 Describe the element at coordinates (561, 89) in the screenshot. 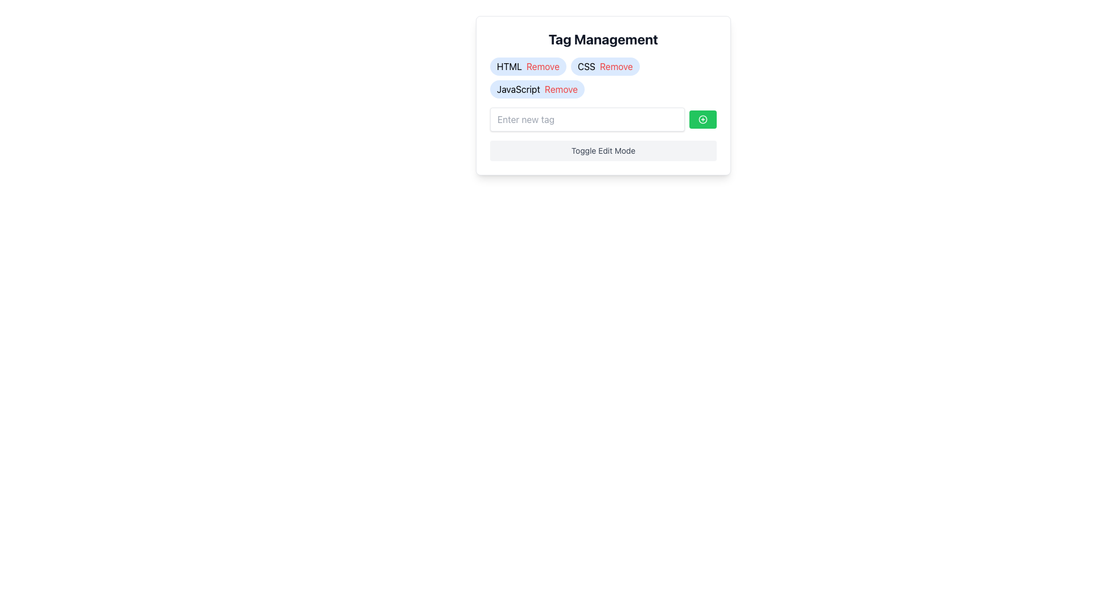

I see `the 'Remove' button styled in red font within the 'JavaScript' tag in the 'Tag Management' section to trigger its hover effect` at that location.